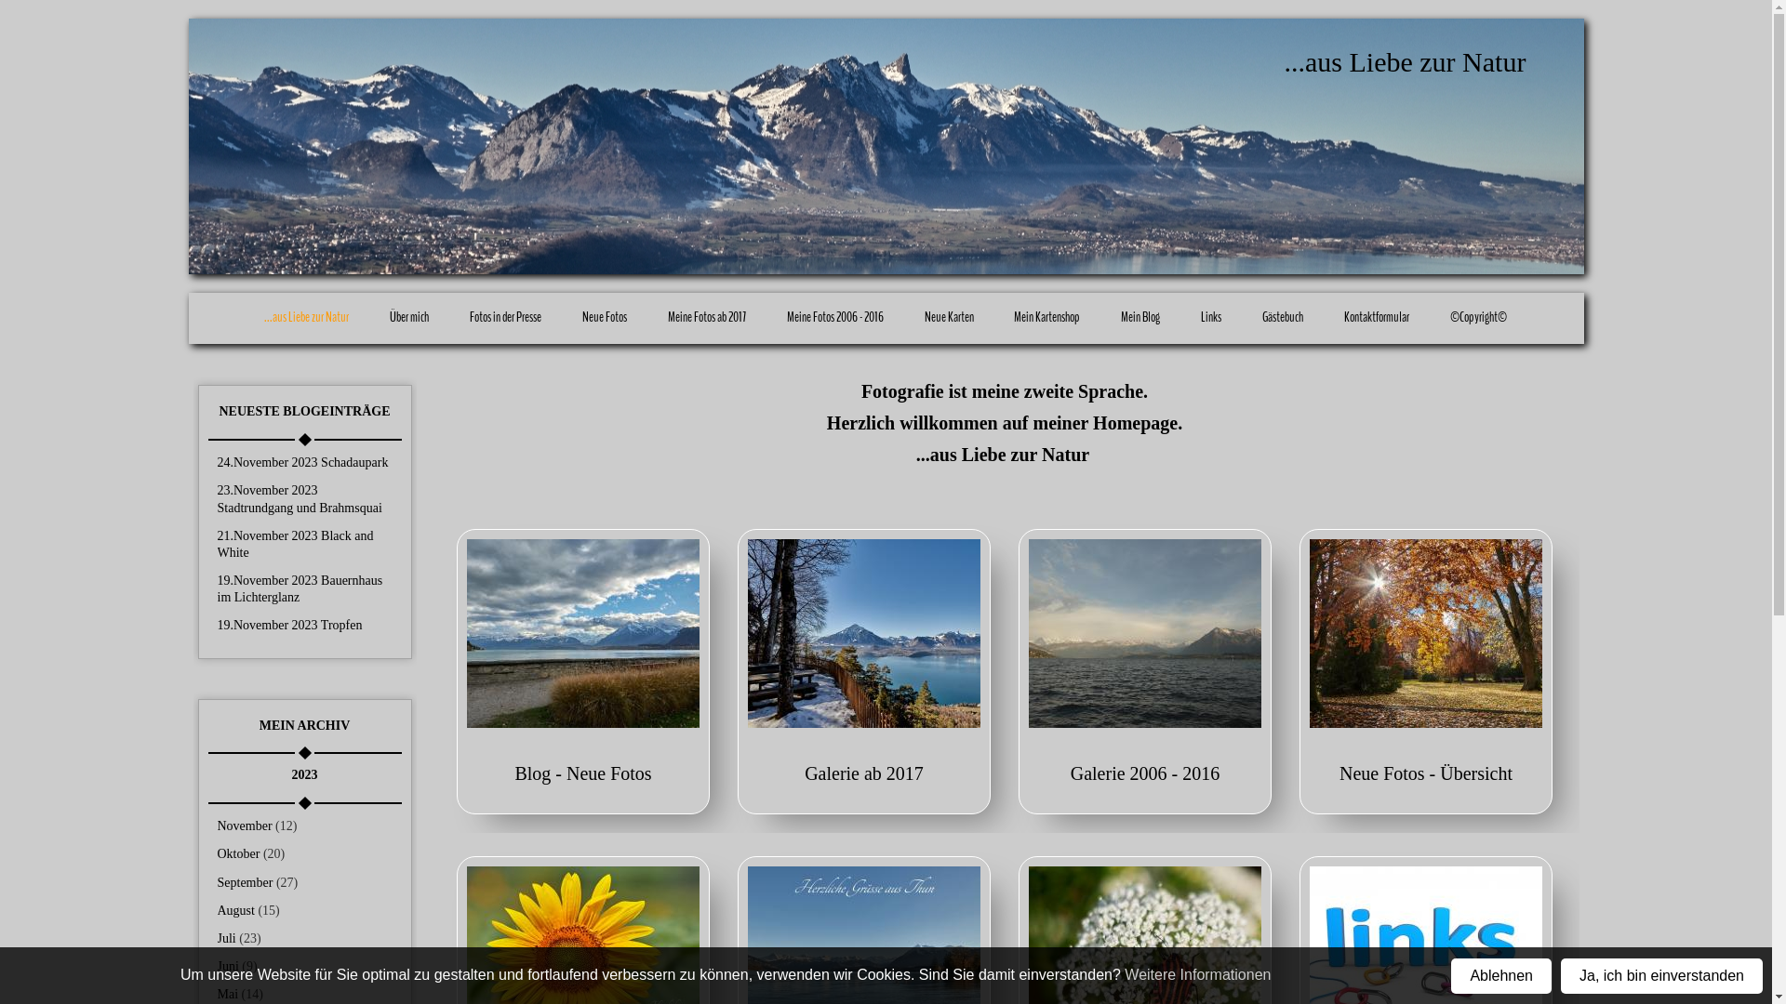 The width and height of the screenshot is (1786, 1004). What do you see at coordinates (239, 993) in the screenshot?
I see `'Mai (14)'` at bounding box center [239, 993].